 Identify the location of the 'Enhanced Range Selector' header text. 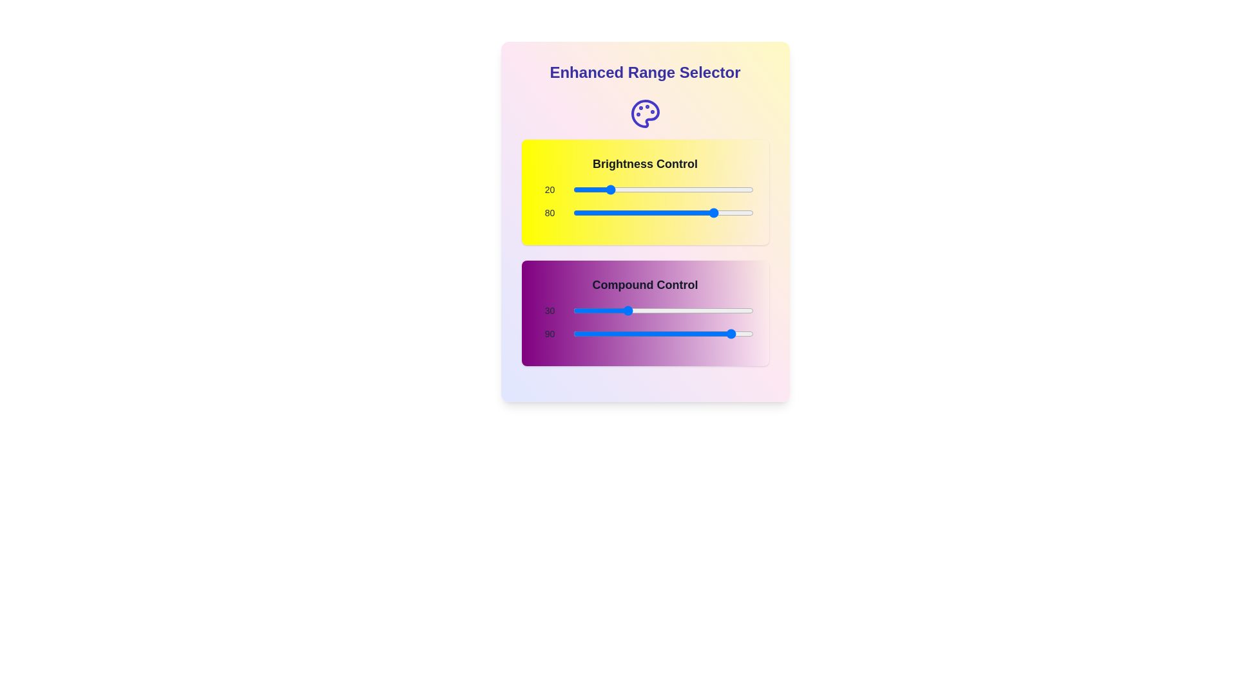
(645, 72).